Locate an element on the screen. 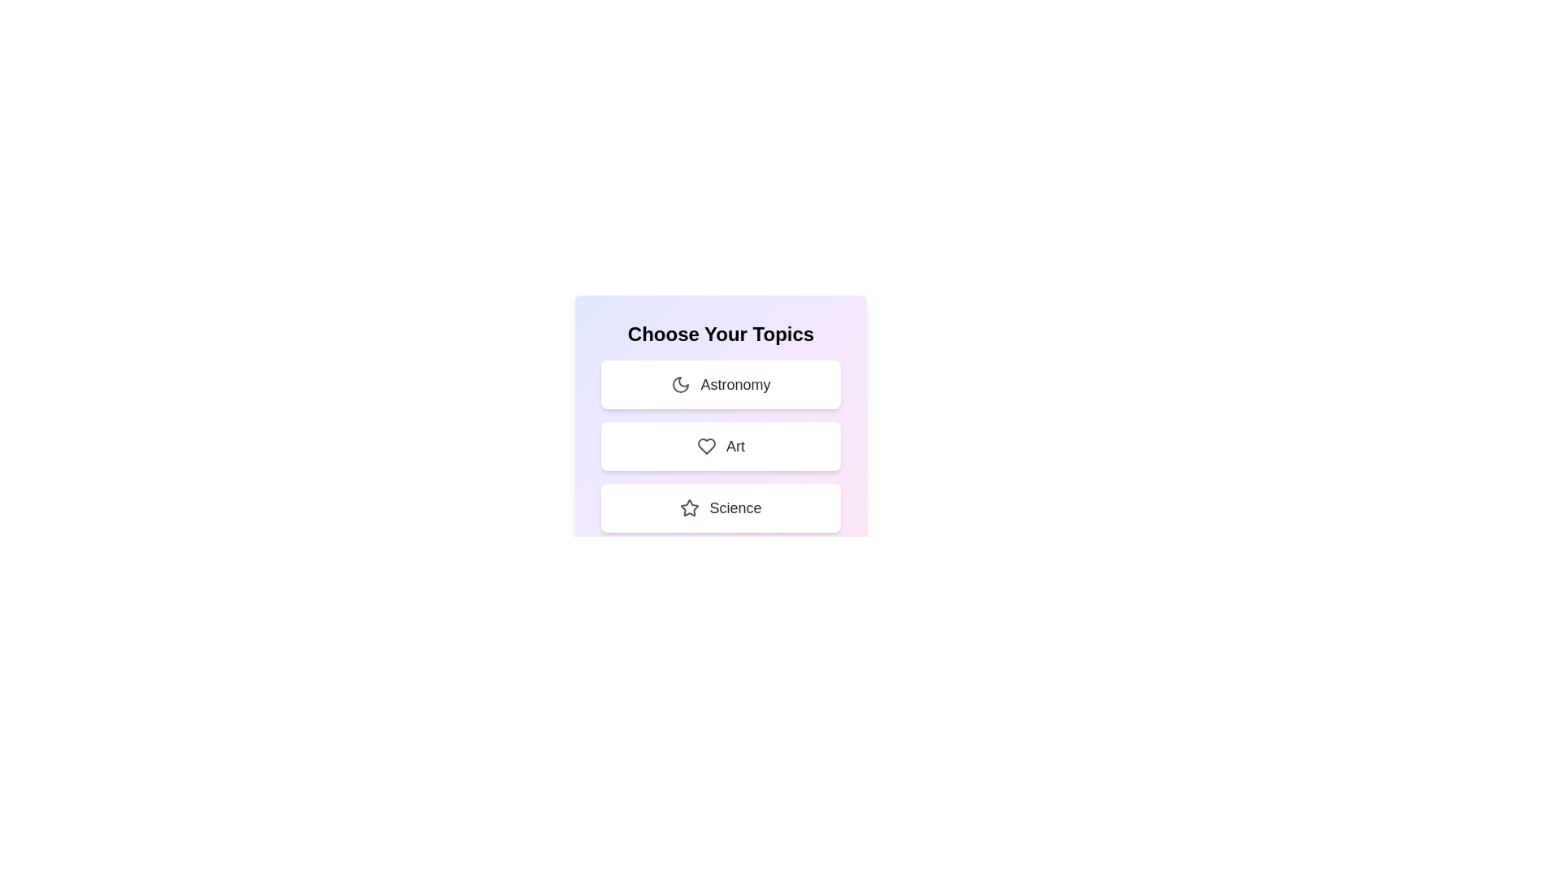 The image size is (1560, 877). the topic Astronomy by clicking on its corresponding area is located at coordinates (720, 385).